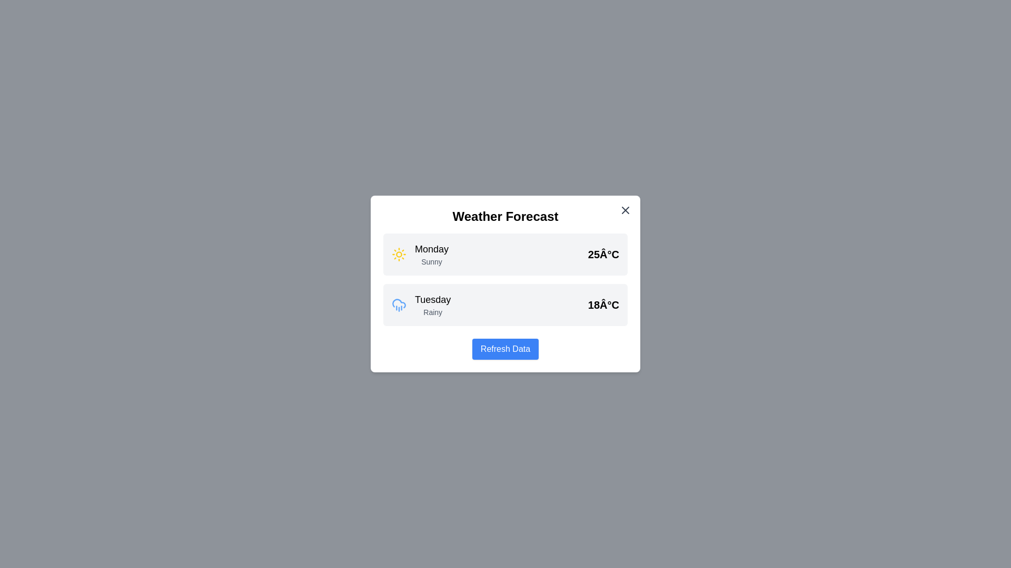  Describe the element at coordinates (399, 254) in the screenshot. I see `the sun icon representing sunny weather condition, located to the left of the 'Monday' label in the first weather forecast entry` at that location.